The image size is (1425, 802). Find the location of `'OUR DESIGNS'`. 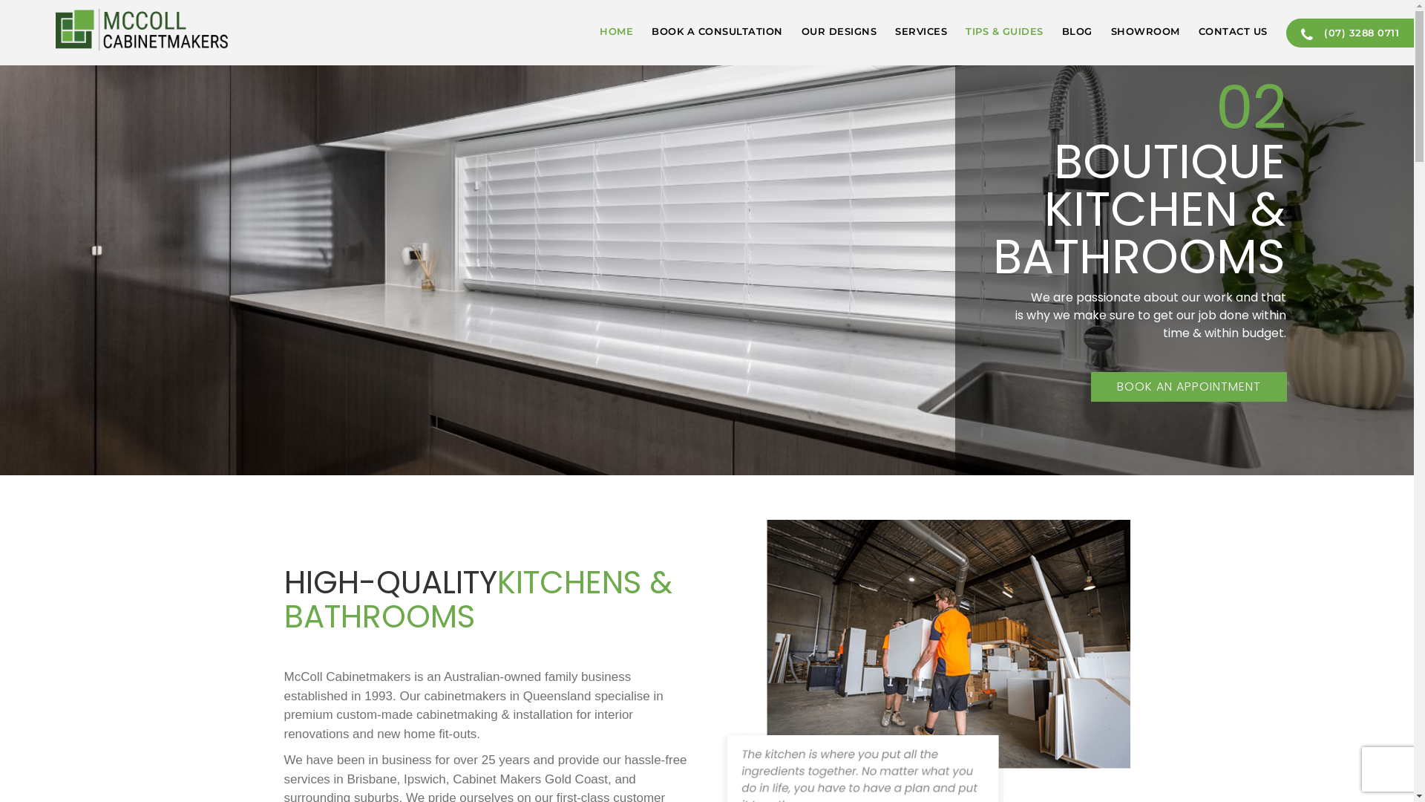

'OUR DESIGNS' is located at coordinates (828, 29).